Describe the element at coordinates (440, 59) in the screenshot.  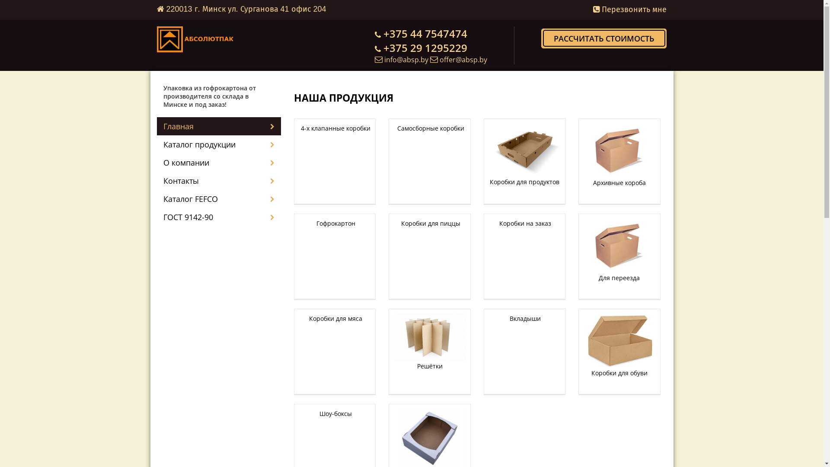
I see `'offer@absp.by'` at that location.